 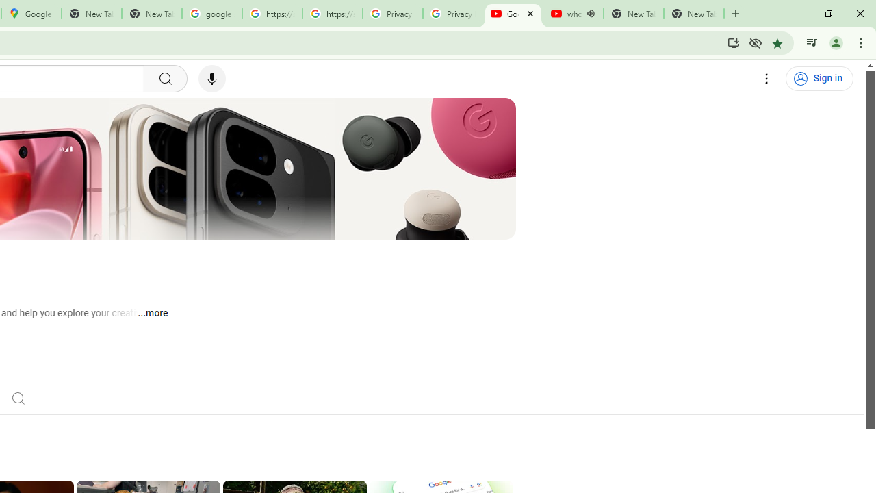 I want to click on 'Third-party cookies blocked', so click(x=755, y=42).